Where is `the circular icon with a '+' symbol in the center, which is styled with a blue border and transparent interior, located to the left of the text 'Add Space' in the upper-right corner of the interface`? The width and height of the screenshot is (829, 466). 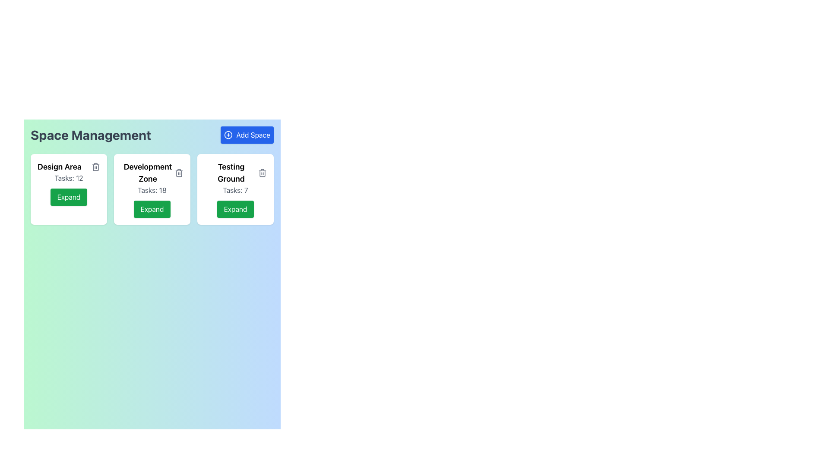
the circular icon with a '+' symbol in the center, which is styled with a blue border and transparent interior, located to the left of the text 'Add Space' in the upper-right corner of the interface is located at coordinates (228, 135).